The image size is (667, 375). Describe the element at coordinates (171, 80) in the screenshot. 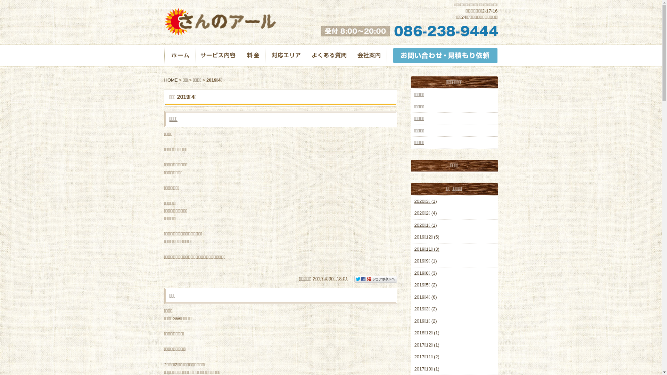

I see `'HOME'` at that location.